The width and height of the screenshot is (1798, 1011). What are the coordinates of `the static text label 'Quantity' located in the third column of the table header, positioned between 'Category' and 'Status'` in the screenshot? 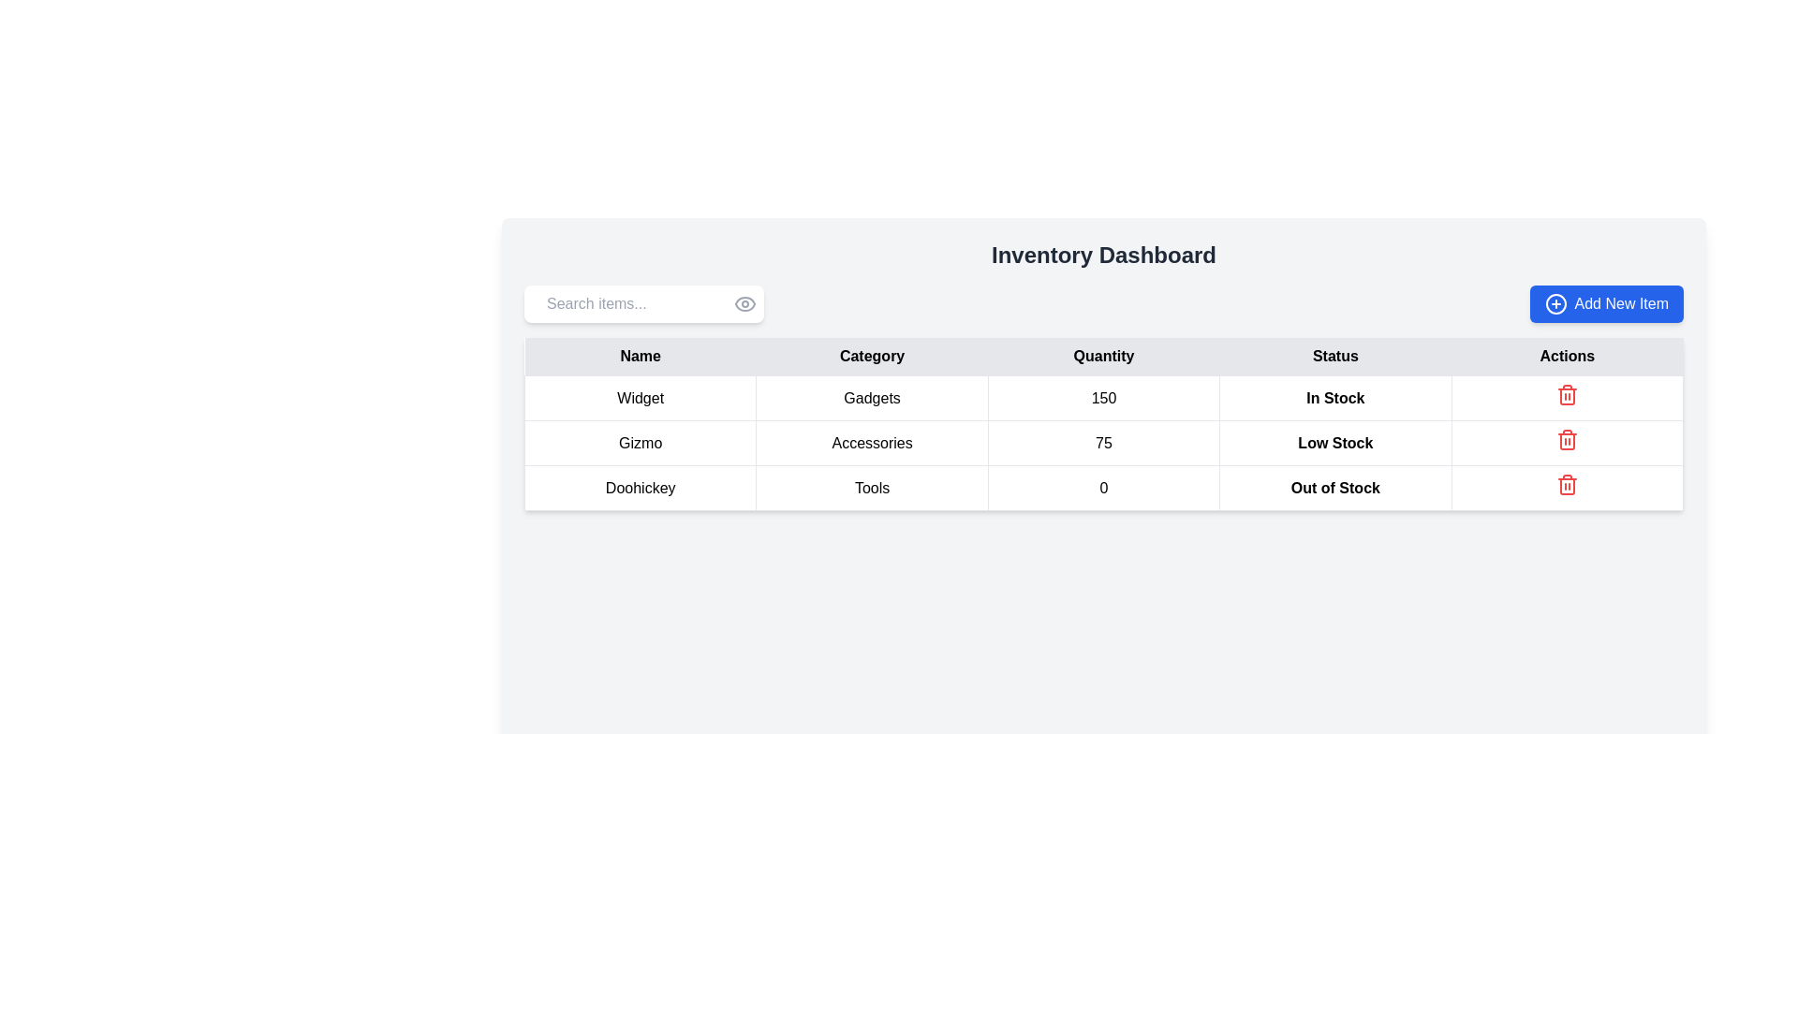 It's located at (1104, 357).